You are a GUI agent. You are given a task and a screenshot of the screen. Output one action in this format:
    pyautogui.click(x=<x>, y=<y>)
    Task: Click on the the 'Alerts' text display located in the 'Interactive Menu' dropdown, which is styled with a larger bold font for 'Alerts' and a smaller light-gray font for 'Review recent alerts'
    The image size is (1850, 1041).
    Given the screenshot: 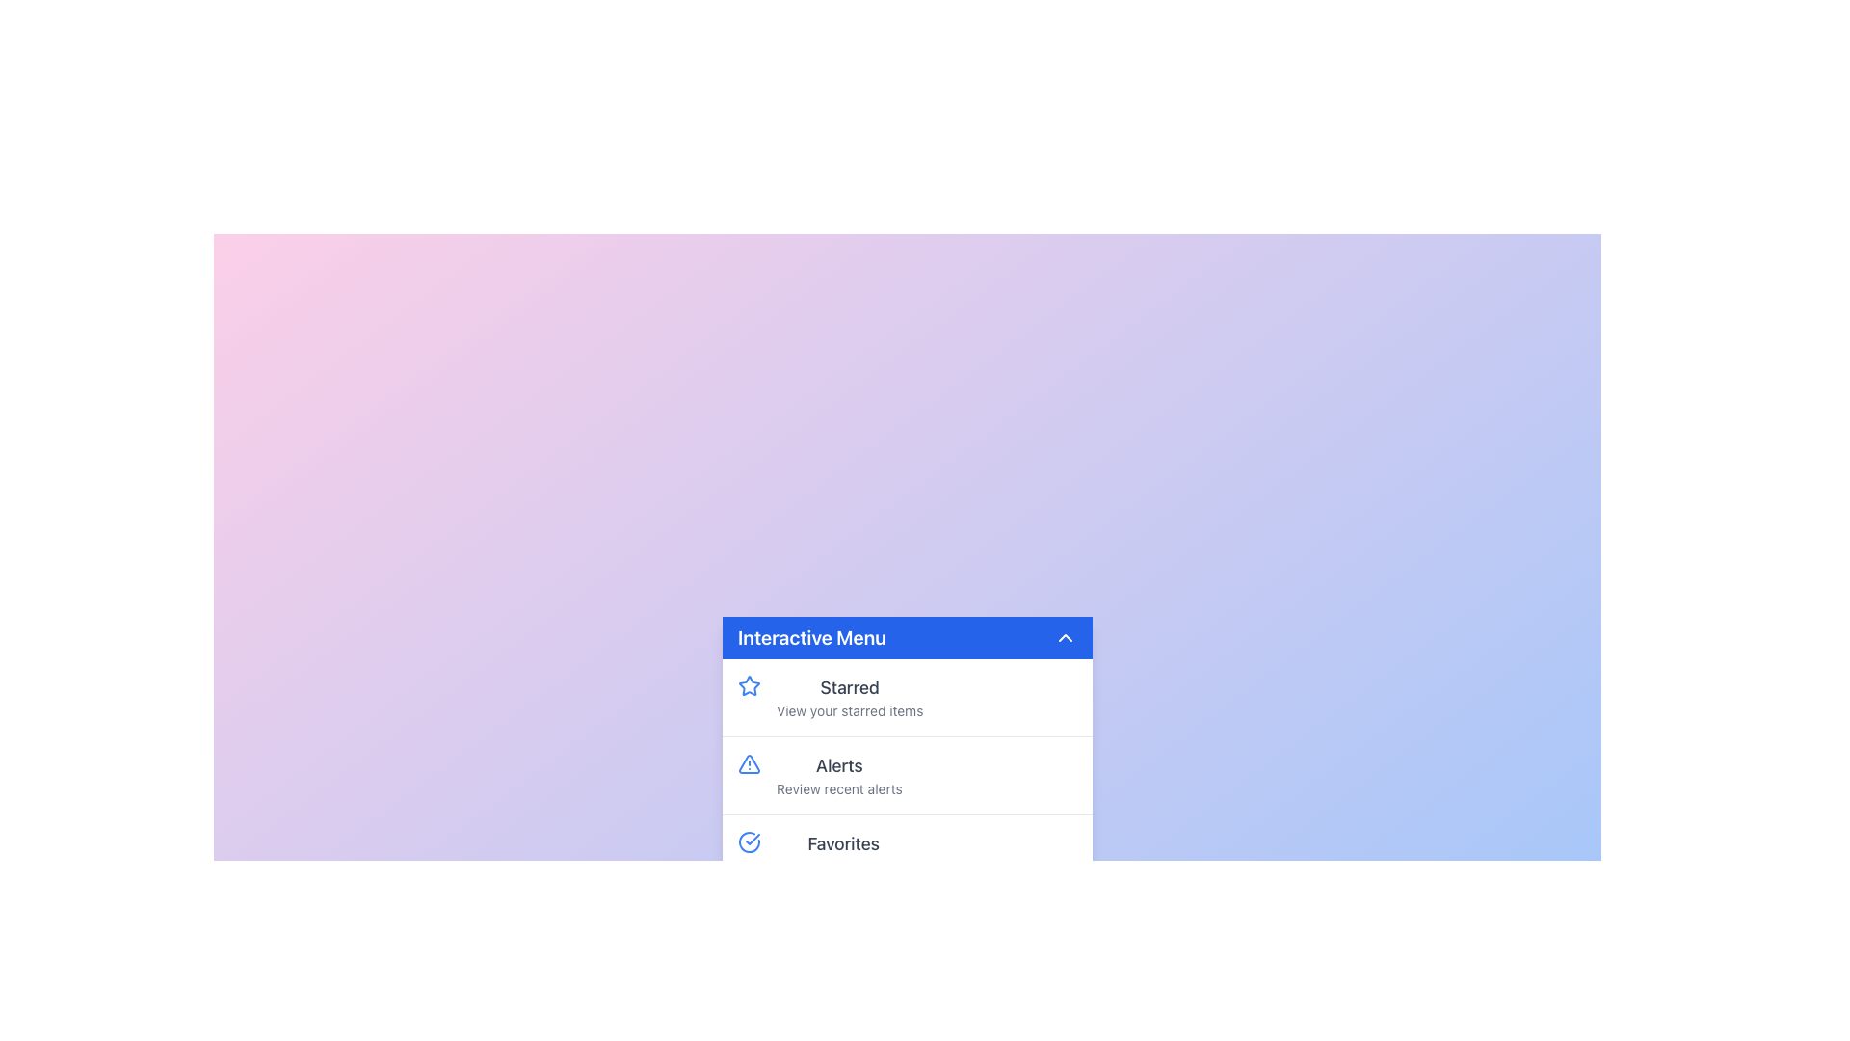 What is the action you would take?
    pyautogui.click(x=839, y=775)
    